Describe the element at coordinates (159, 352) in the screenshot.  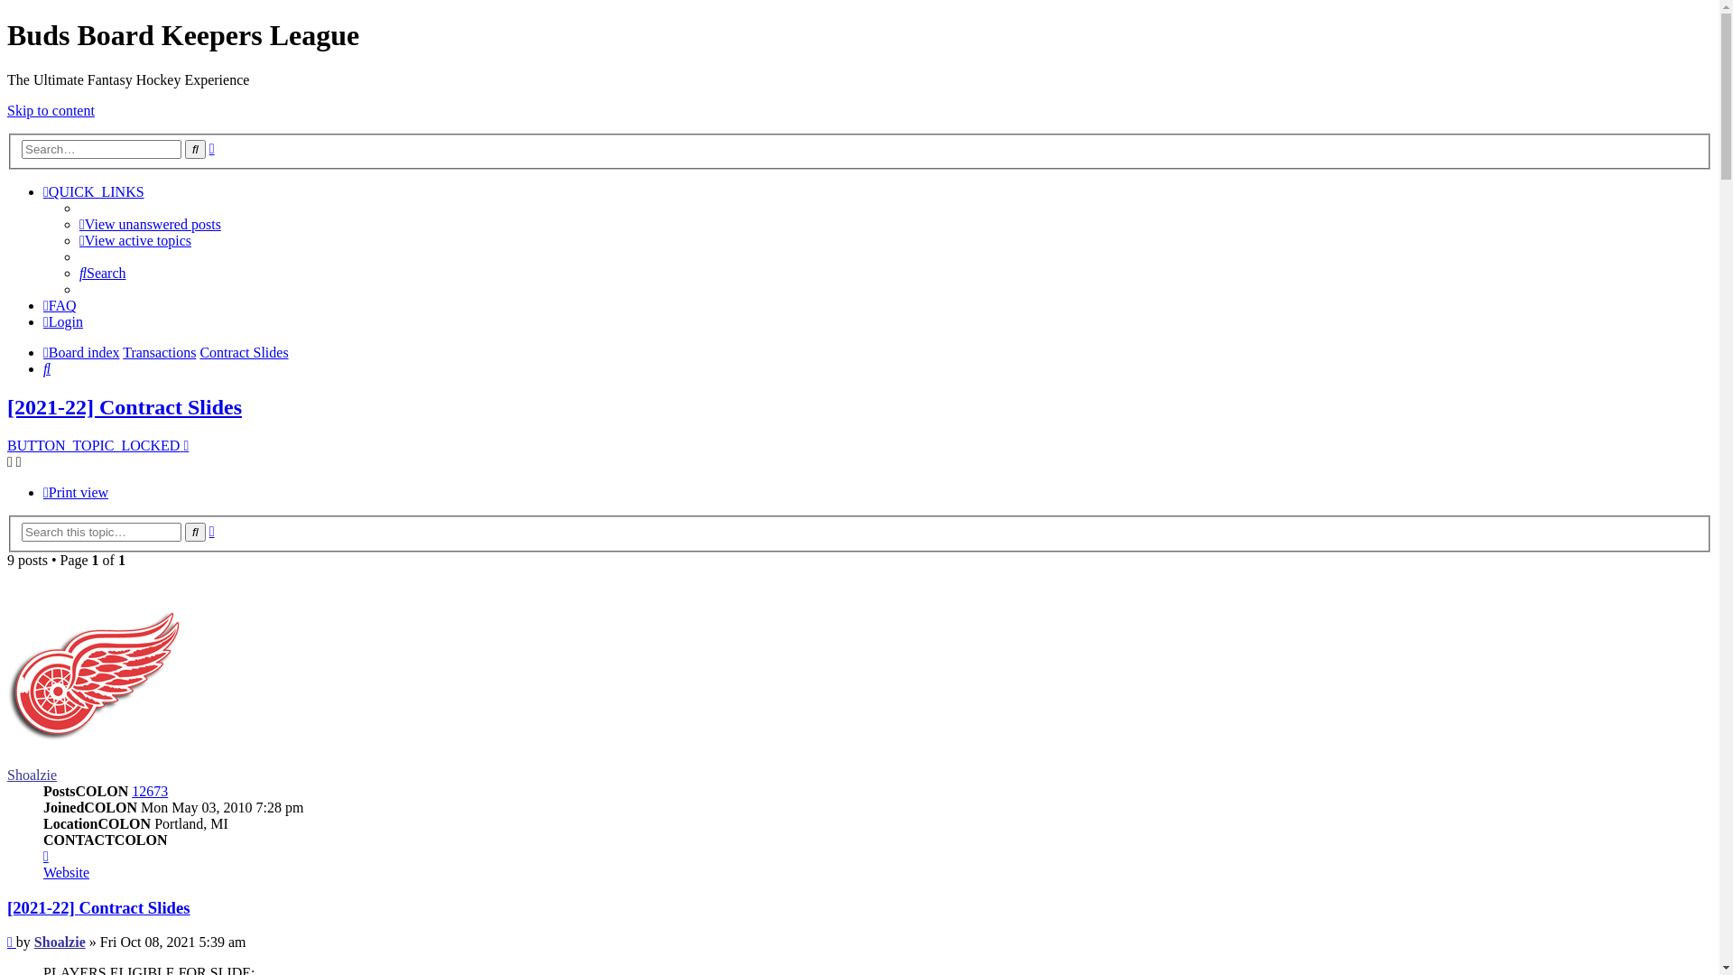
I see `'Transactions'` at that location.